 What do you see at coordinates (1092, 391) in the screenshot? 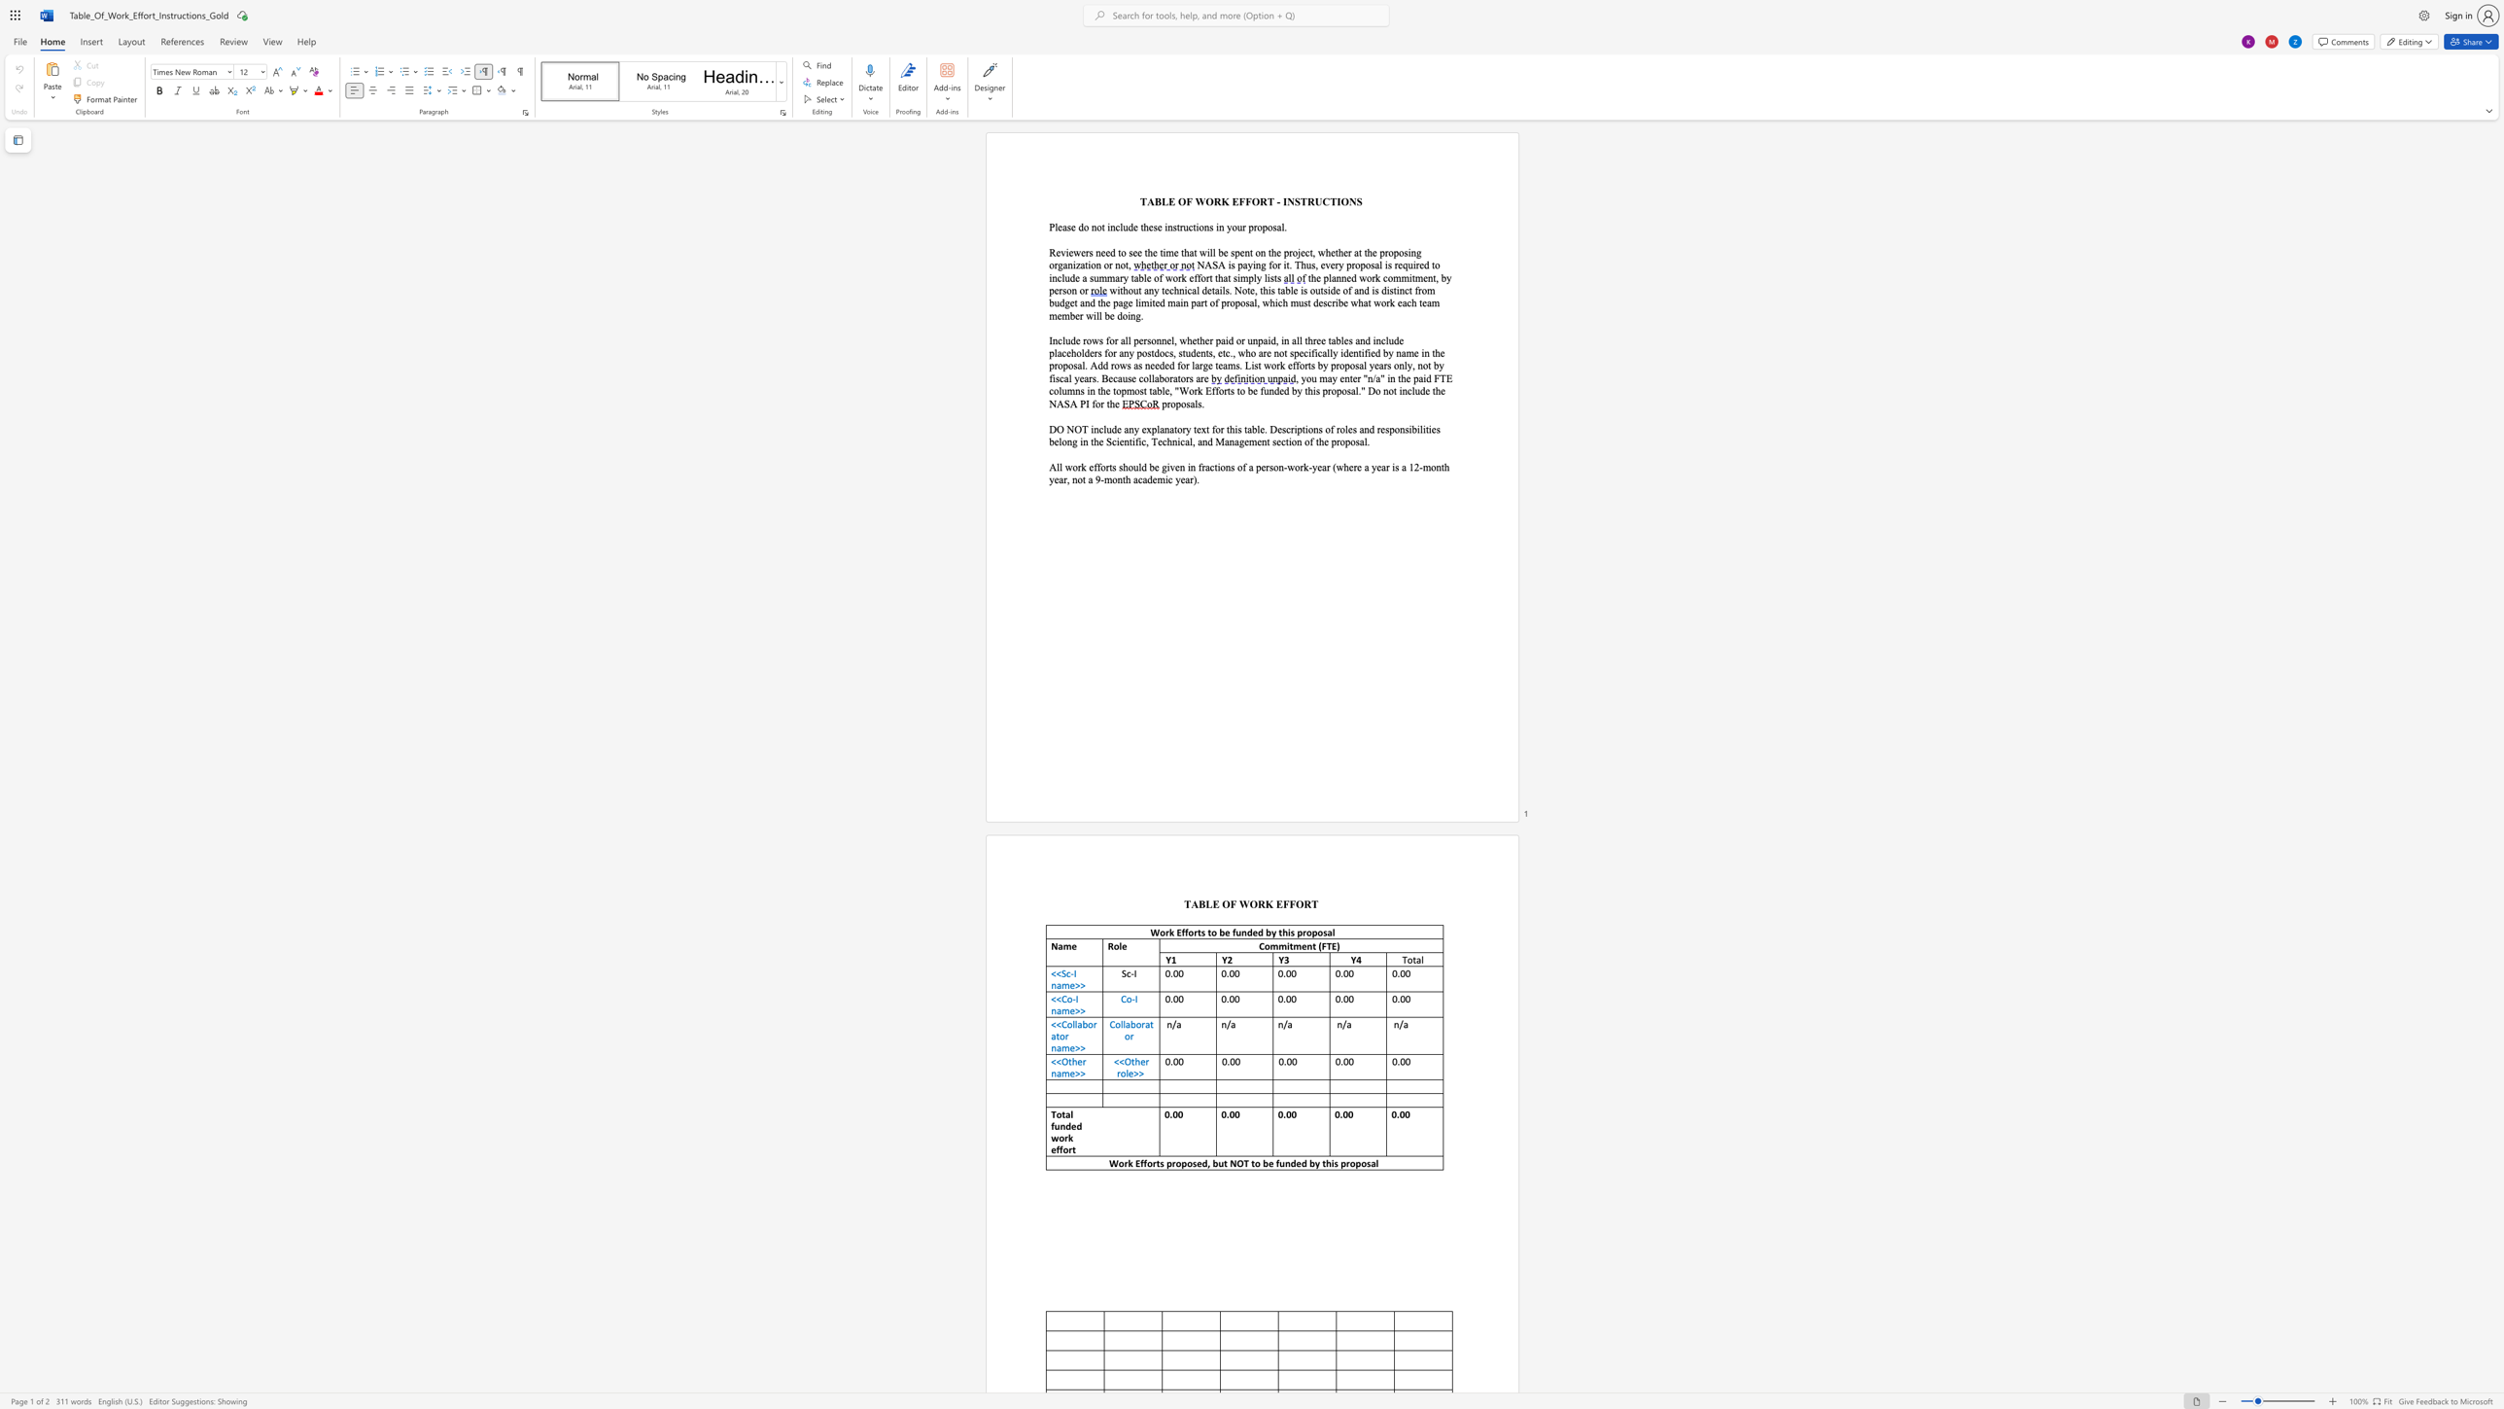
I see `the 5th character "n" in the text` at bounding box center [1092, 391].